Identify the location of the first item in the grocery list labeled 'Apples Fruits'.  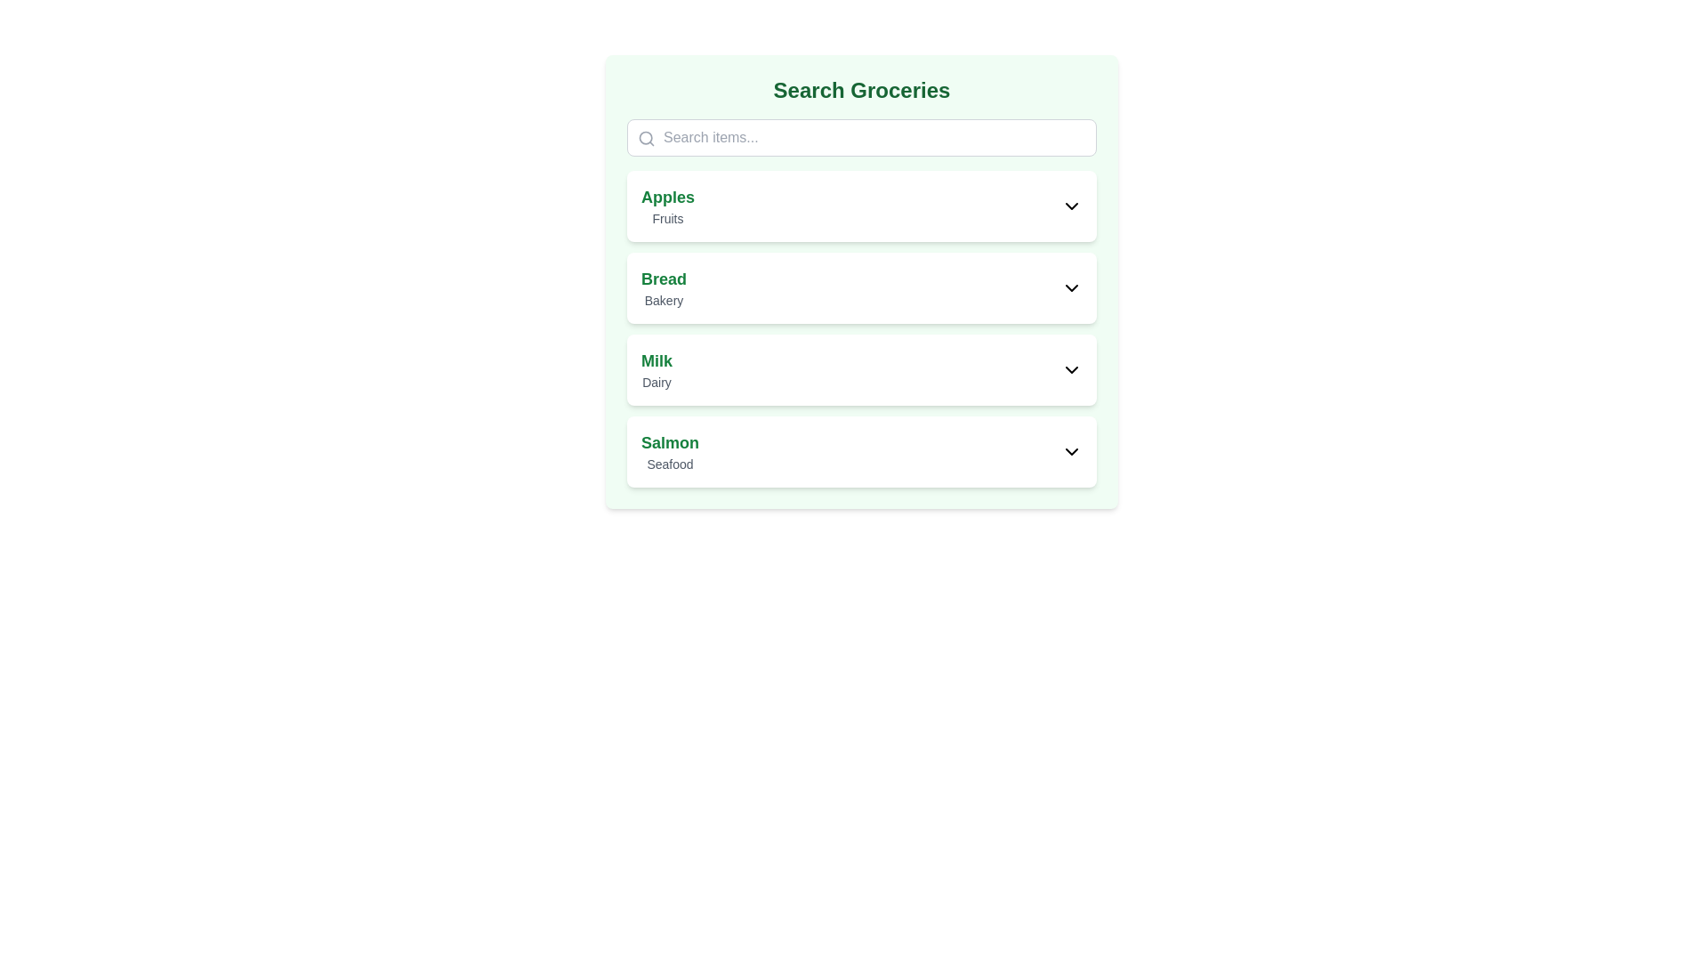
(862, 205).